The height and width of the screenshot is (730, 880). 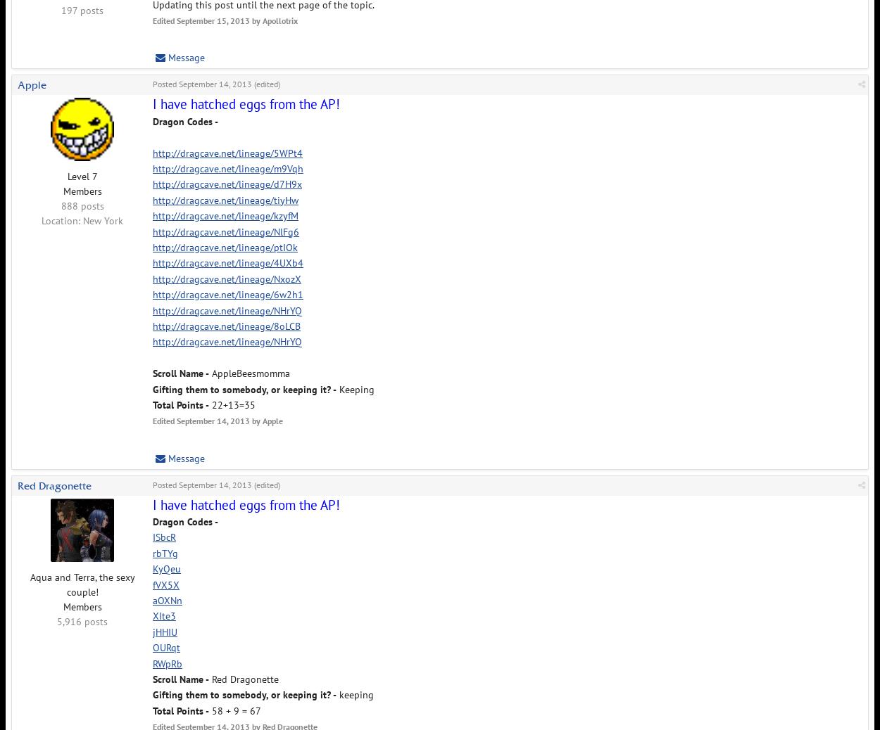 What do you see at coordinates (273, 20) in the screenshot?
I see `'by Apollotrix'` at bounding box center [273, 20].